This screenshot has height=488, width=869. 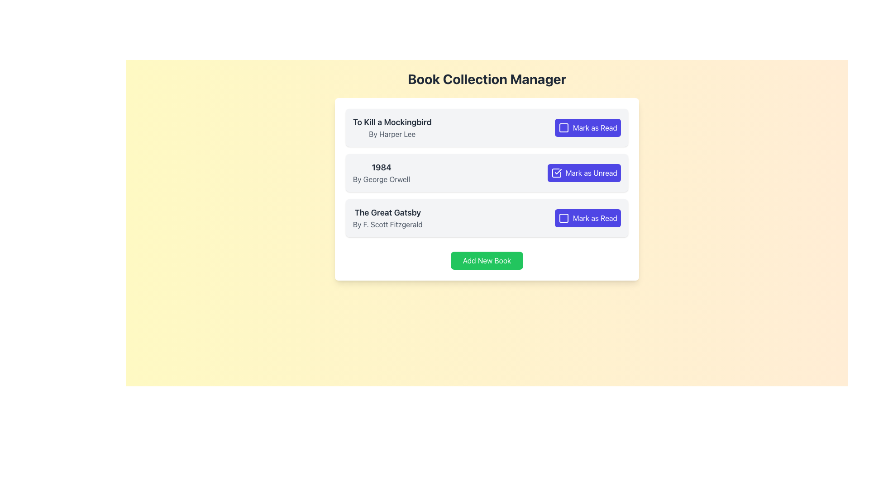 What do you see at coordinates (392, 134) in the screenshot?
I see `the Text Label that displays the author's name for 'To Kill a Mockingbird', located below the main title in the first card of the book list` at bounding box center [392, 134].